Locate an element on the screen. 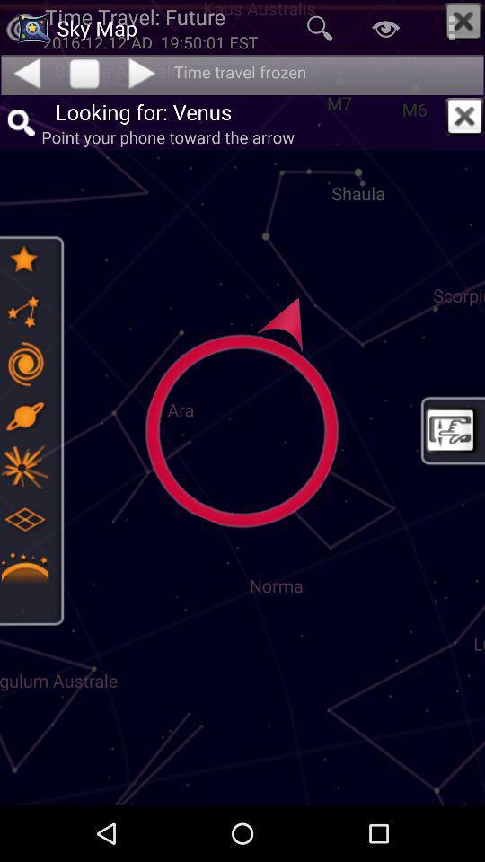 The height and width of the screenshot is (862, 485). the close icon is located at coordinates (464, 115).